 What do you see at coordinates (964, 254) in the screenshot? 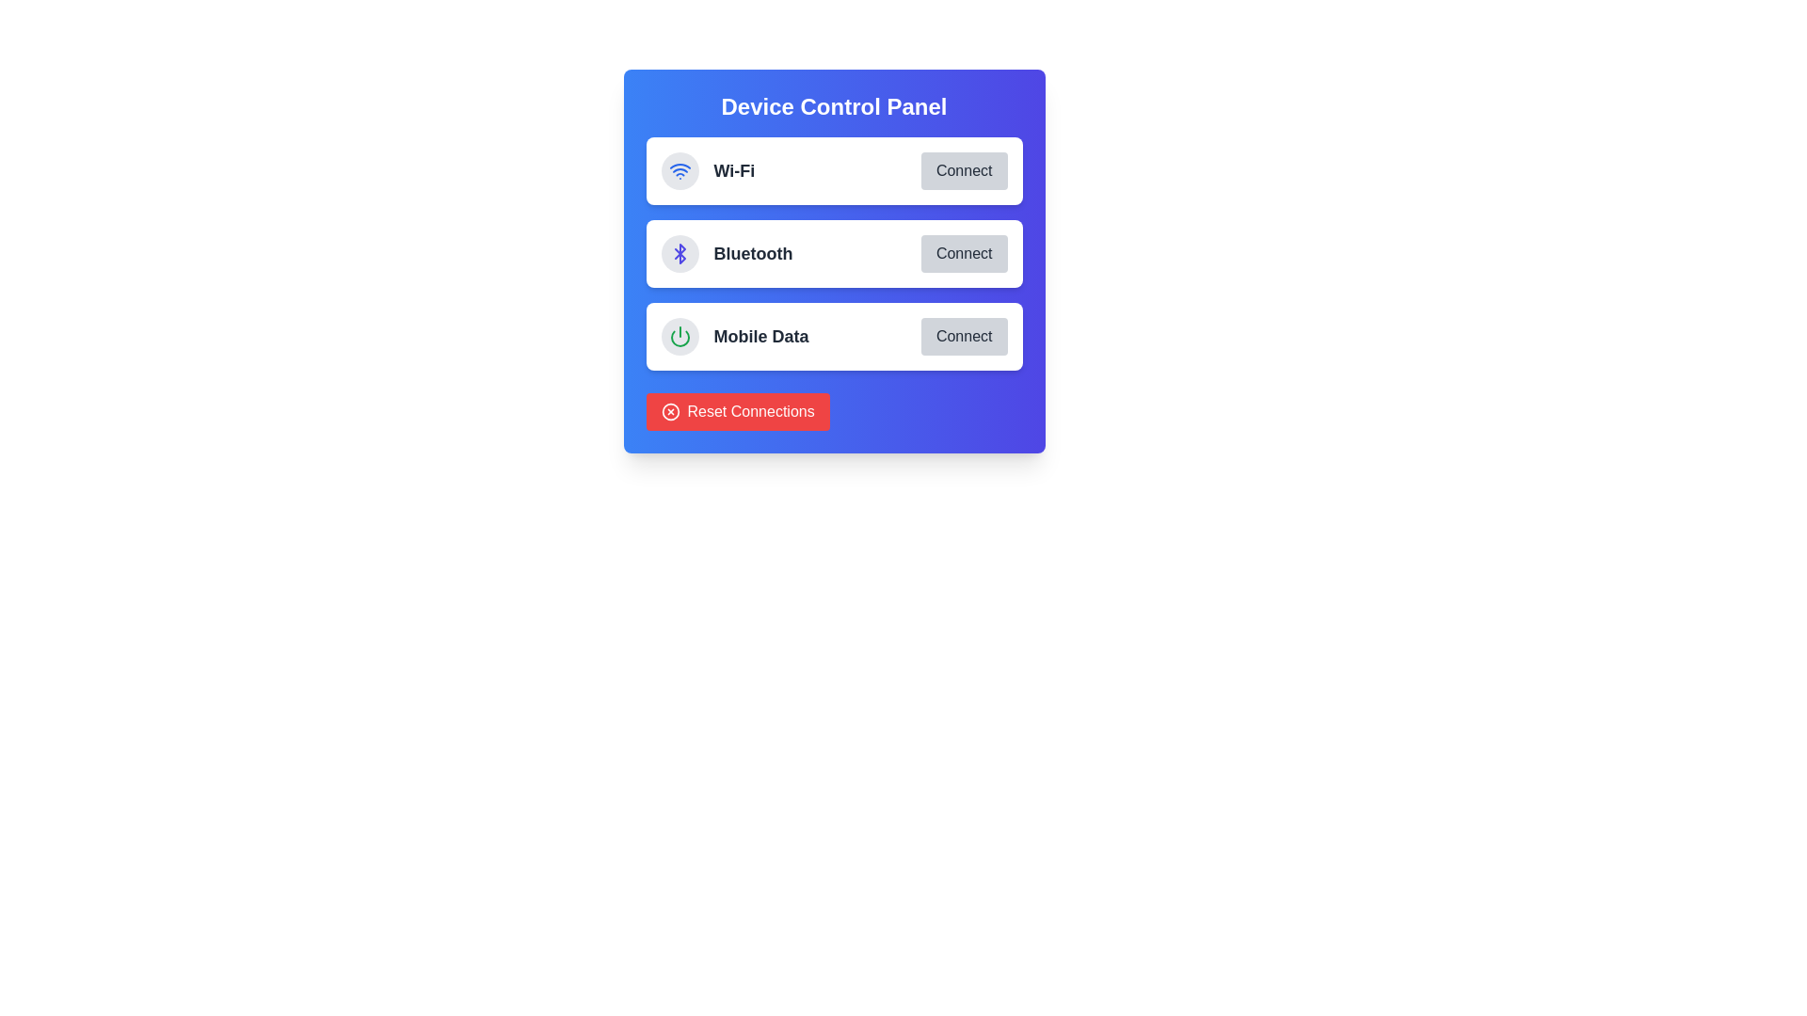
I see `the 'Connect' button, which is a rectangular button with rounded corners, light gray background, and dark gray text, located within the 'Bluetooth' section and aligned to the right` at bounding box center [964, 254].